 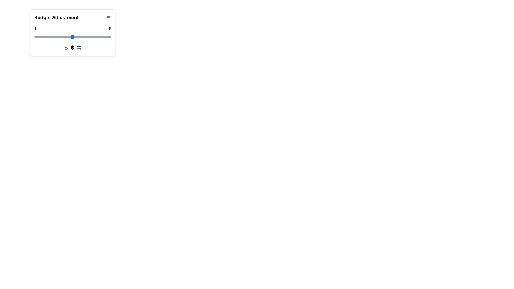 What do you see at coordinates (79, 47) in the screenshot?
I see `the fifth icon in a row at the bottom center of the section, located to the right of the dollar sign icon` at bounding box center [79, 47].